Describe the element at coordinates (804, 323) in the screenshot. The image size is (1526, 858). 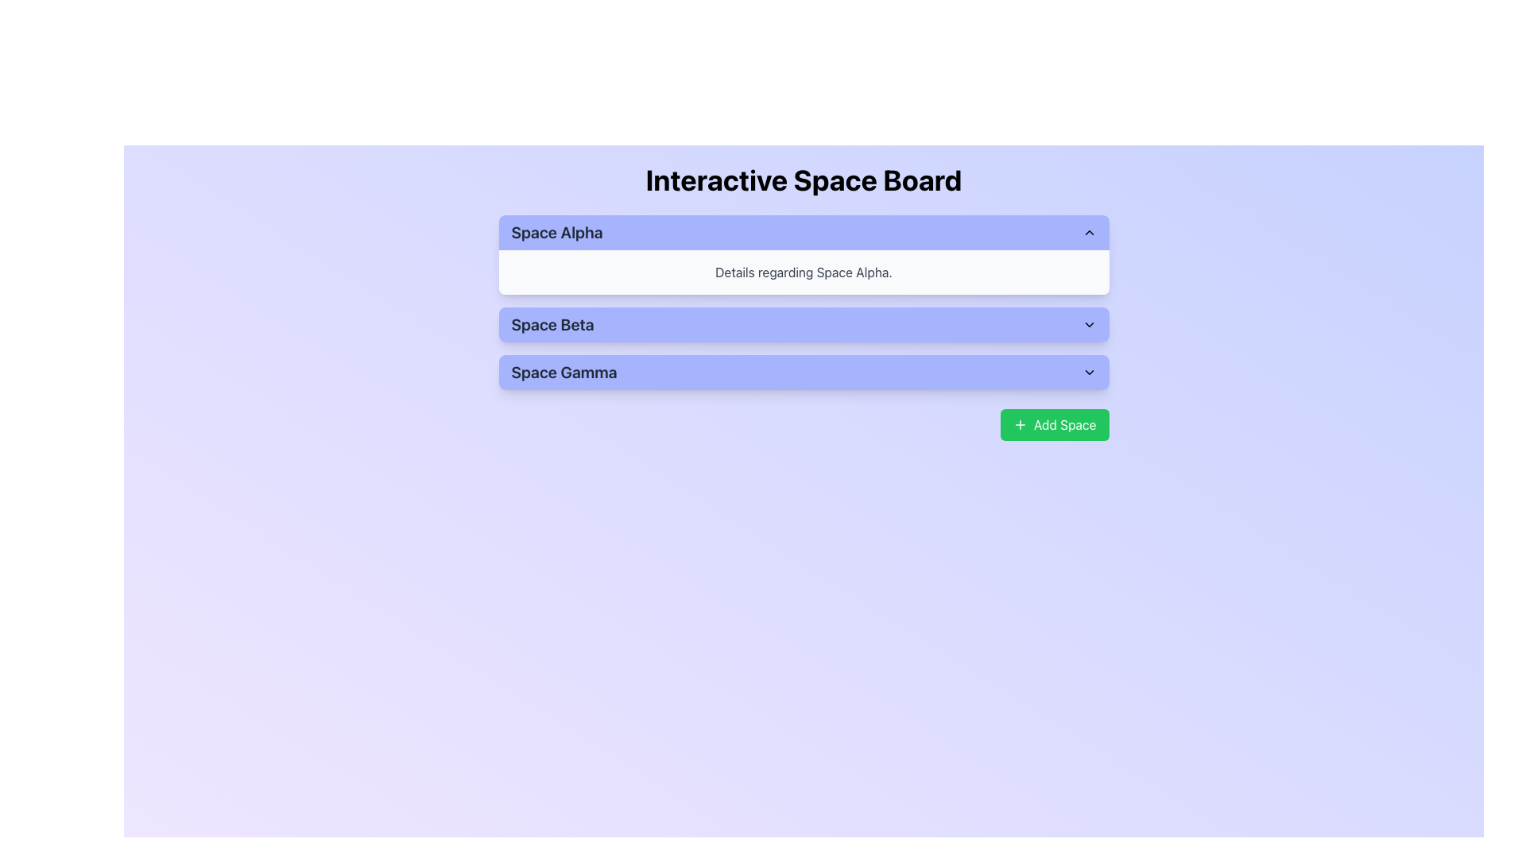
I see `the 'Space Beta' button, which is the second button in the vertical list of three buttons labeled 'Space Alpha', 'Space Beta', and 'Space Gamma'` at that location.